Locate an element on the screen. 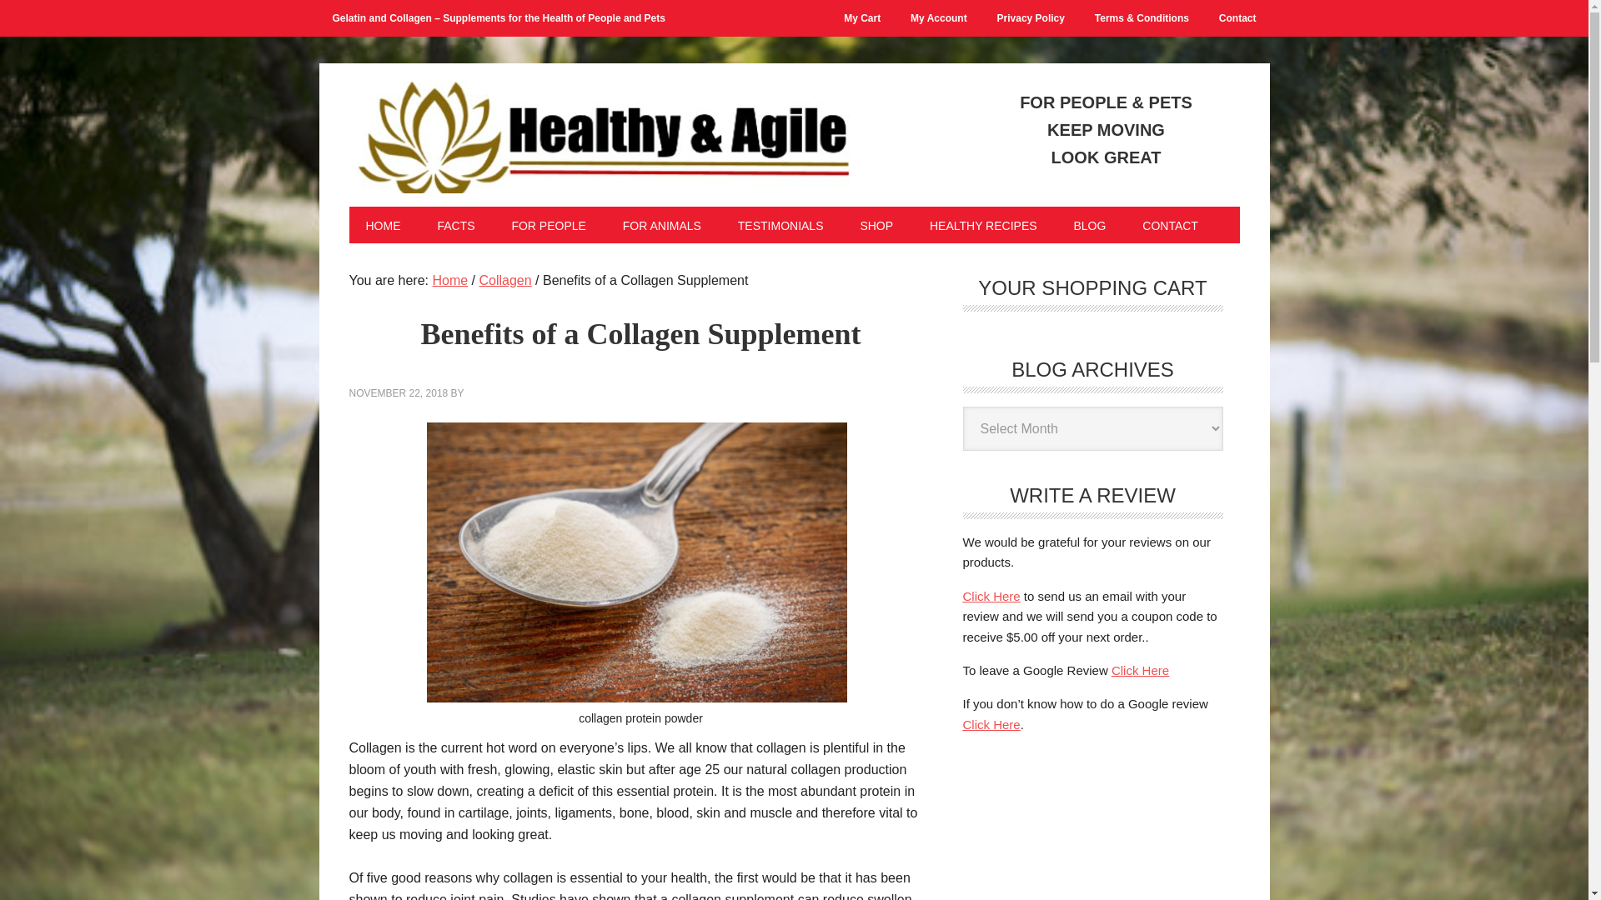  'Click Here' is located at coordinates (991, 595).